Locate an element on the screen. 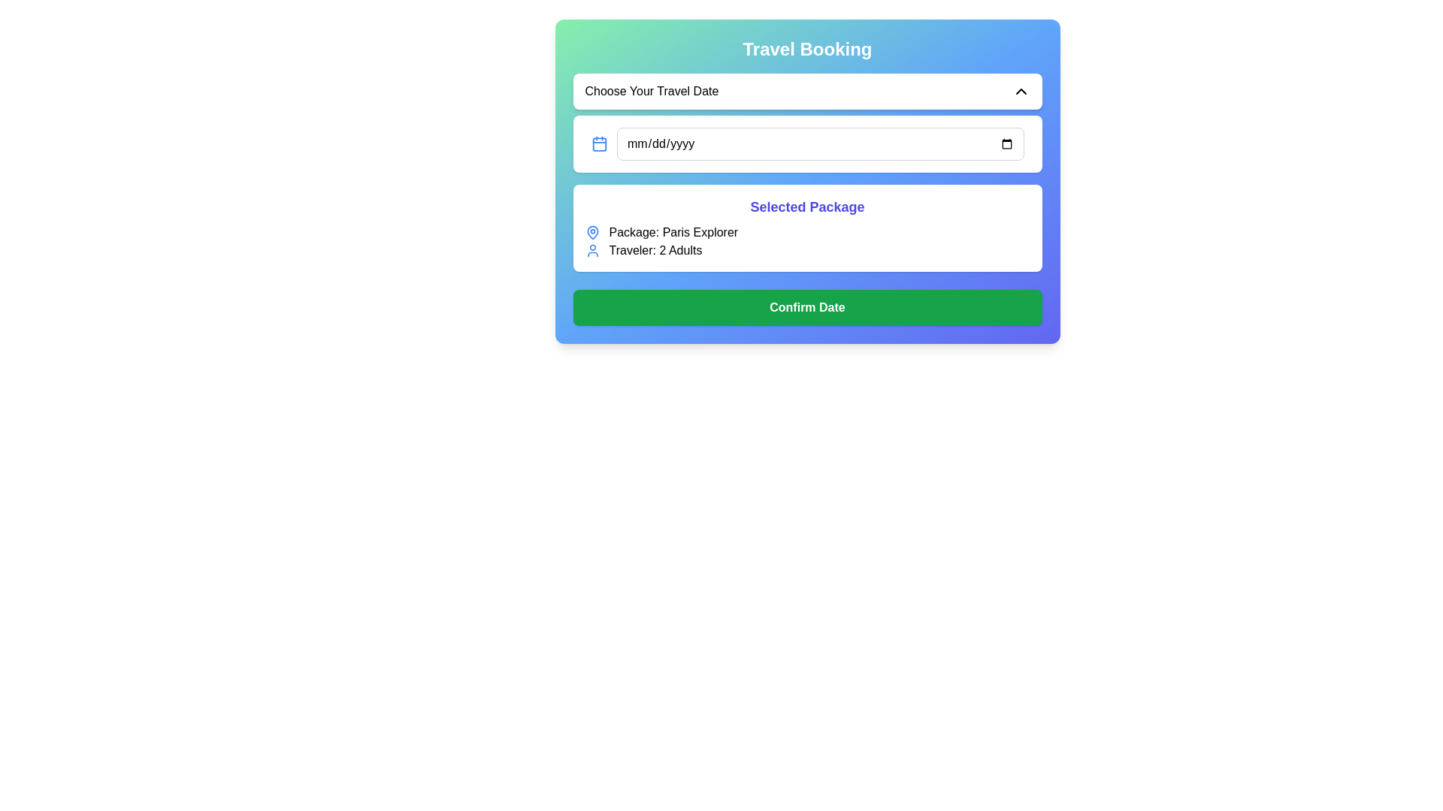 The width and height of the screenshot is (1443, 811). the decorative SVG icon indicating 'location' or 'selected item' representation for the 'Package: Paris Explorer' in the travel booking interface under the 'Selected Package' section is located at coordinates (591, 232).